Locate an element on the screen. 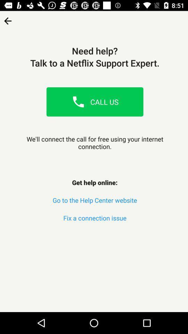 The image size is (188, 334). the icon to the left of call us is located at coordinates (78, 101).